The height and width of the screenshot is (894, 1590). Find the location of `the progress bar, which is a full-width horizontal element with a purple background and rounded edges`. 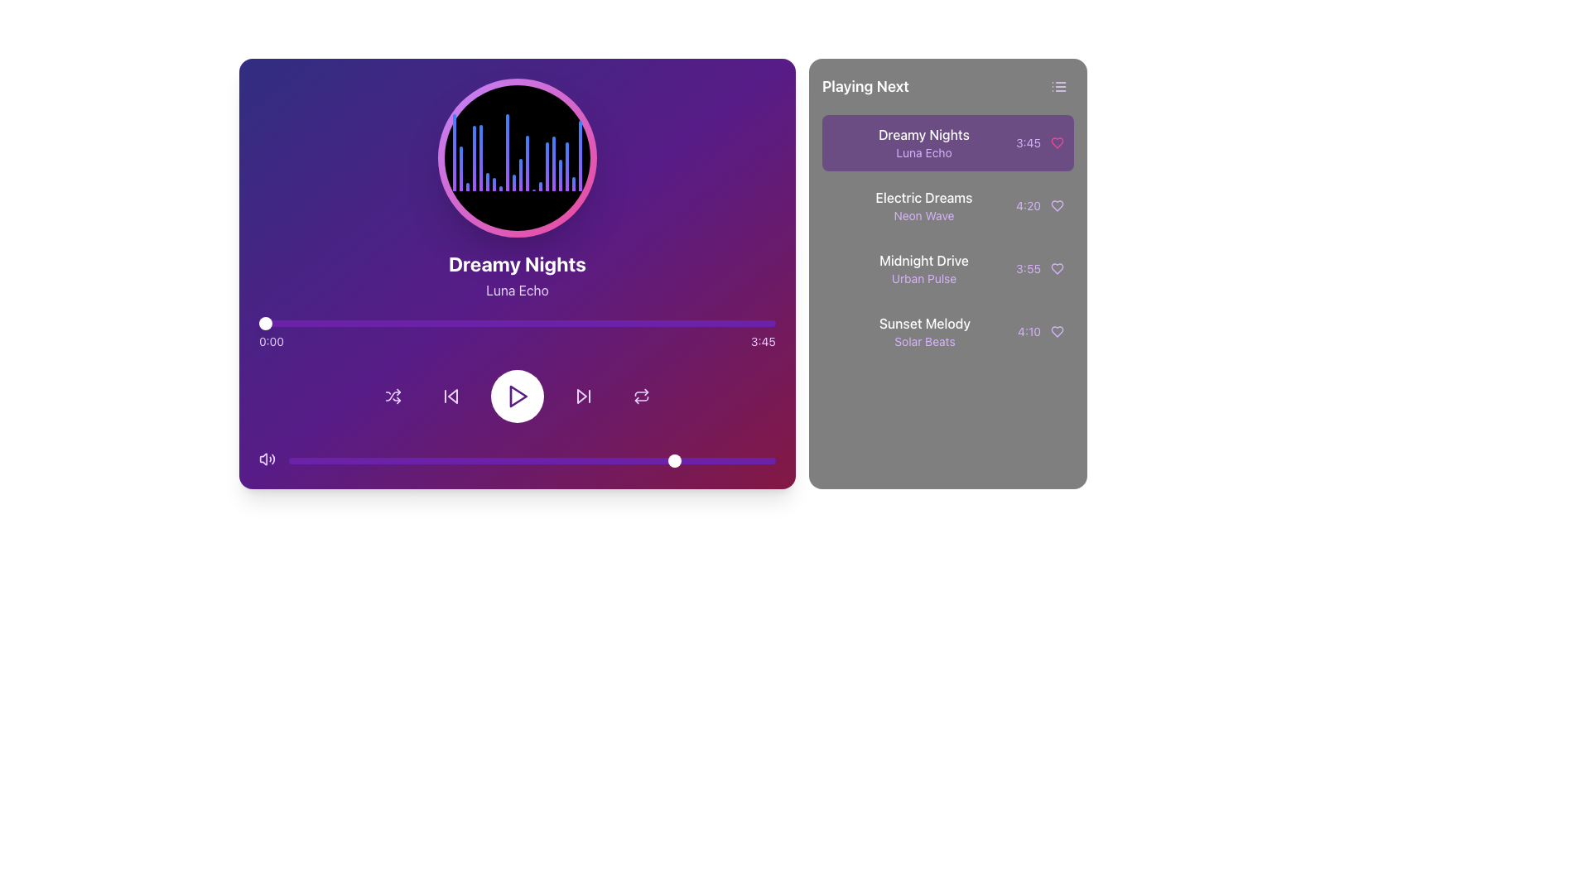

the progress bar, which is a full-width horizontal element with a purple background and rounded edges is located at coordinates (516, 323).